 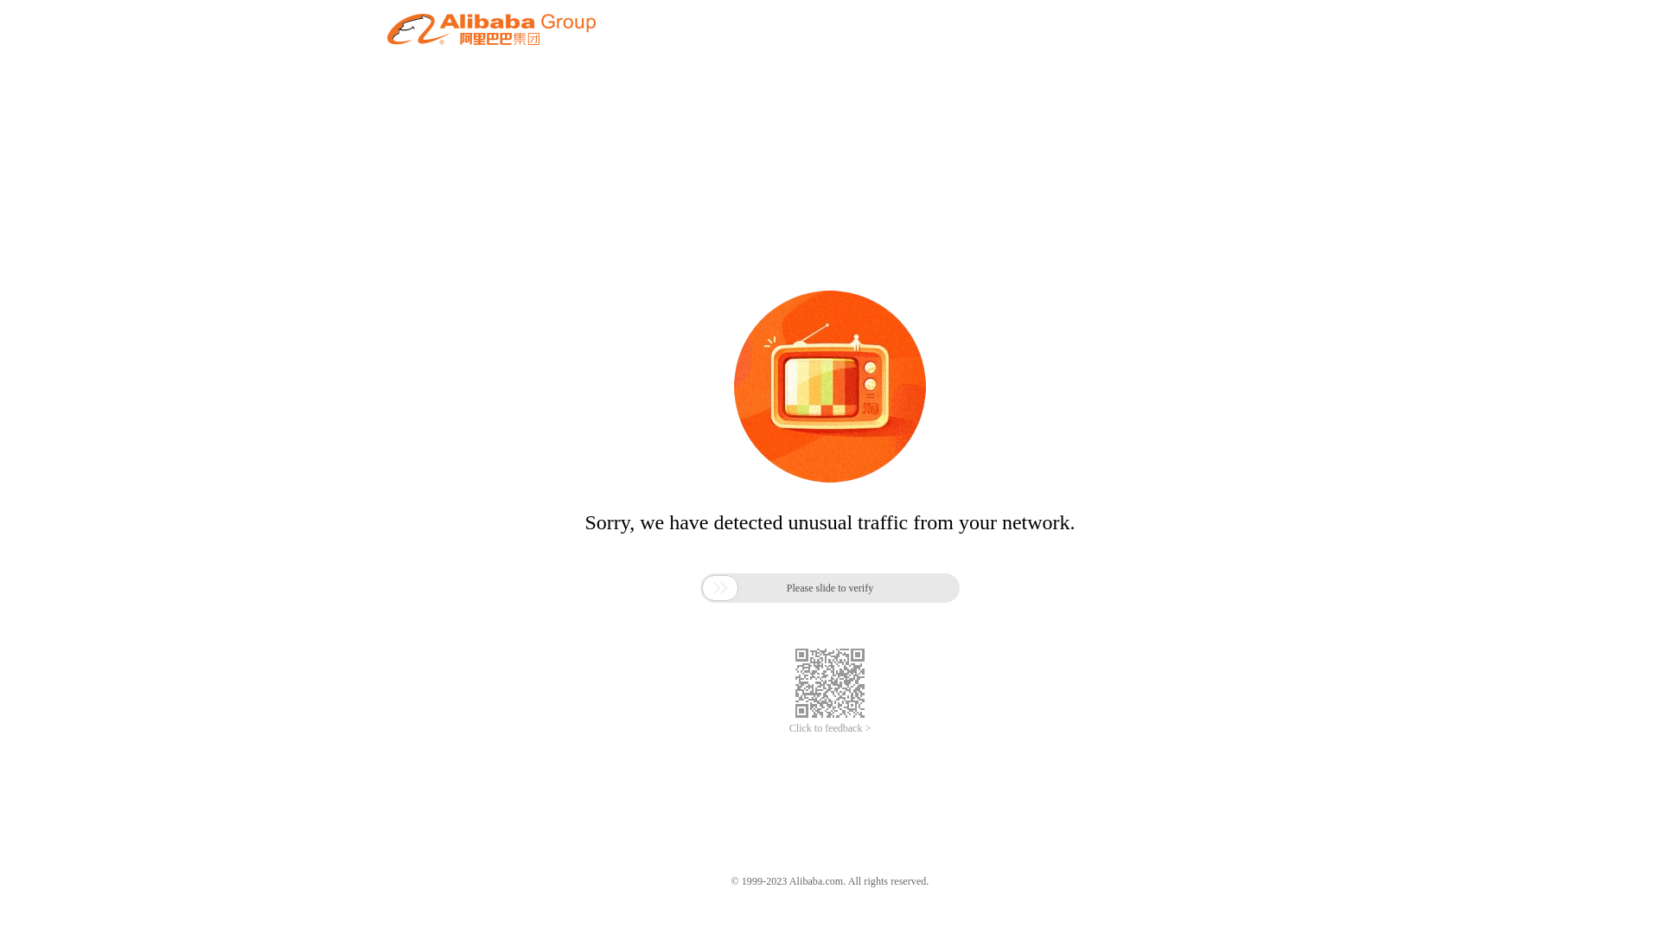 What do you see at coordinates (788, 728) in the screenshot?
I see `'Click to feedback >'` at bounding box center [788, 728].